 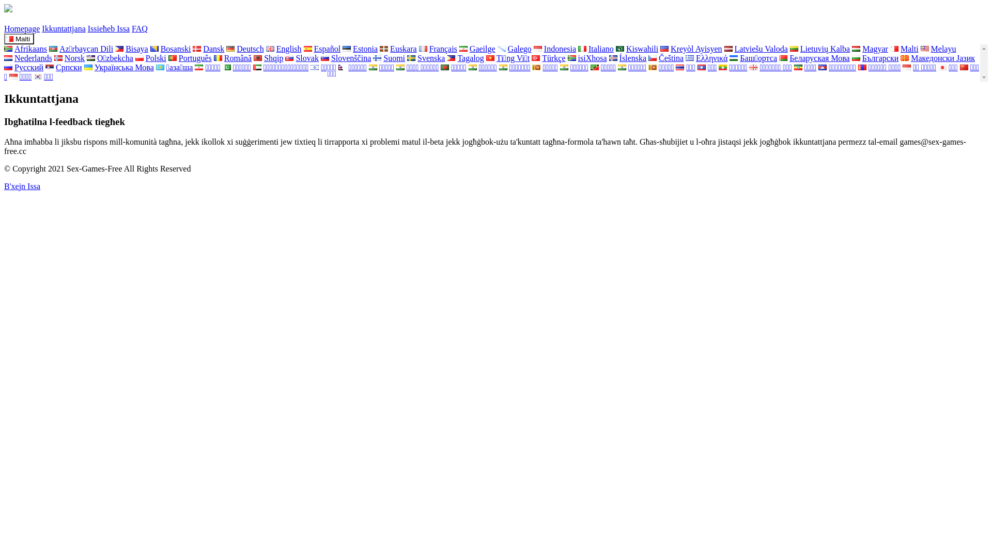 I want to click on 'Magyar', so click(x=852, y=49).